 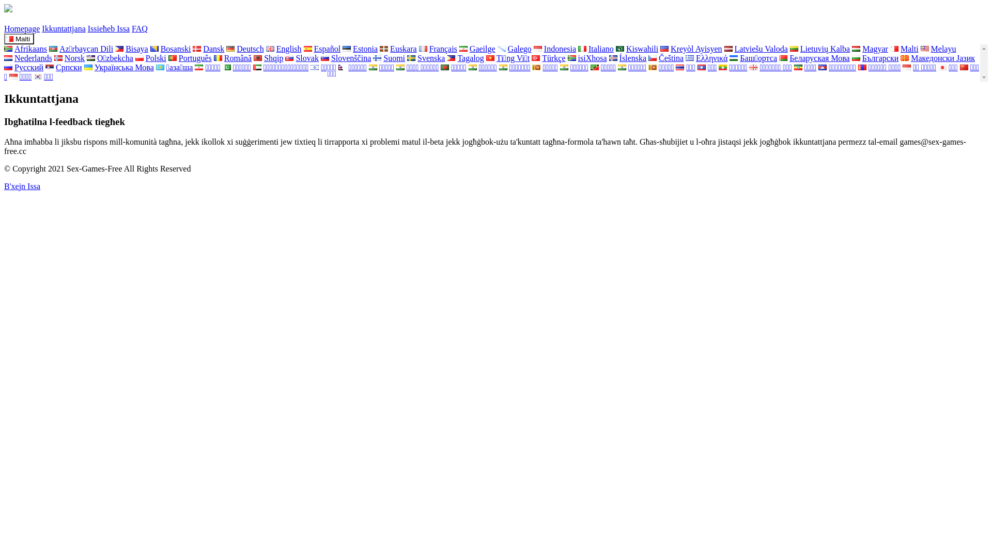 I want to click on 'Magyar', so click(x=852, y=49).